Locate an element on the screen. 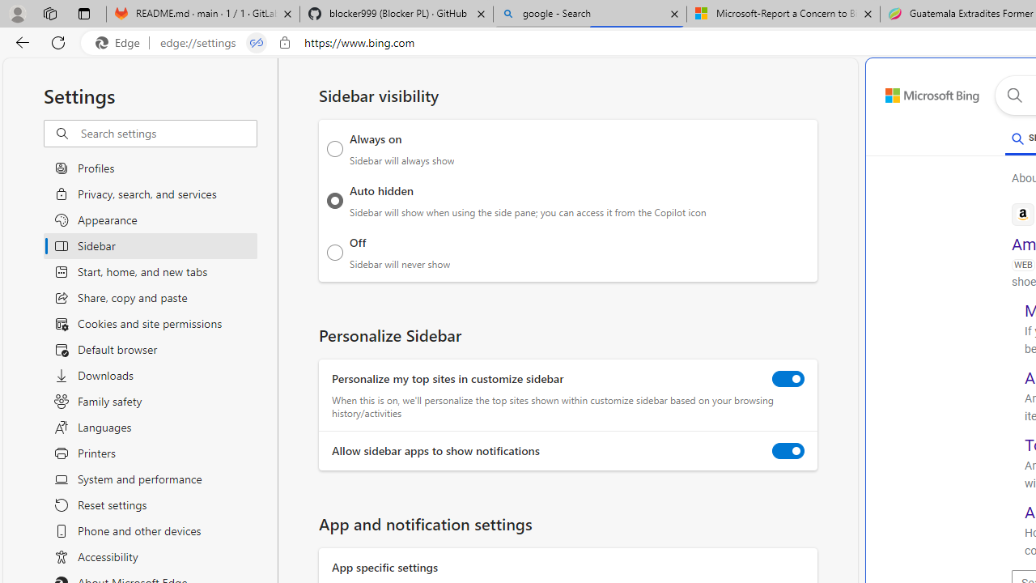 The height and width of the screenshot is (583, 1036). 'google - Search' is located at coordinates (589, 14).